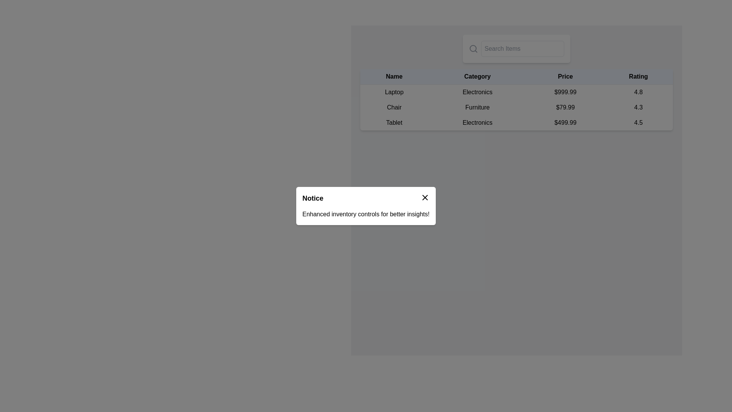 This screenshot has height=412, width=732. Describe the element at coordinates (516, 91) in the screenshot. I see `the first row of the product table displaying 'Laptop', 'Electronics', '$999.99', and '4.8' ratings` at that location.